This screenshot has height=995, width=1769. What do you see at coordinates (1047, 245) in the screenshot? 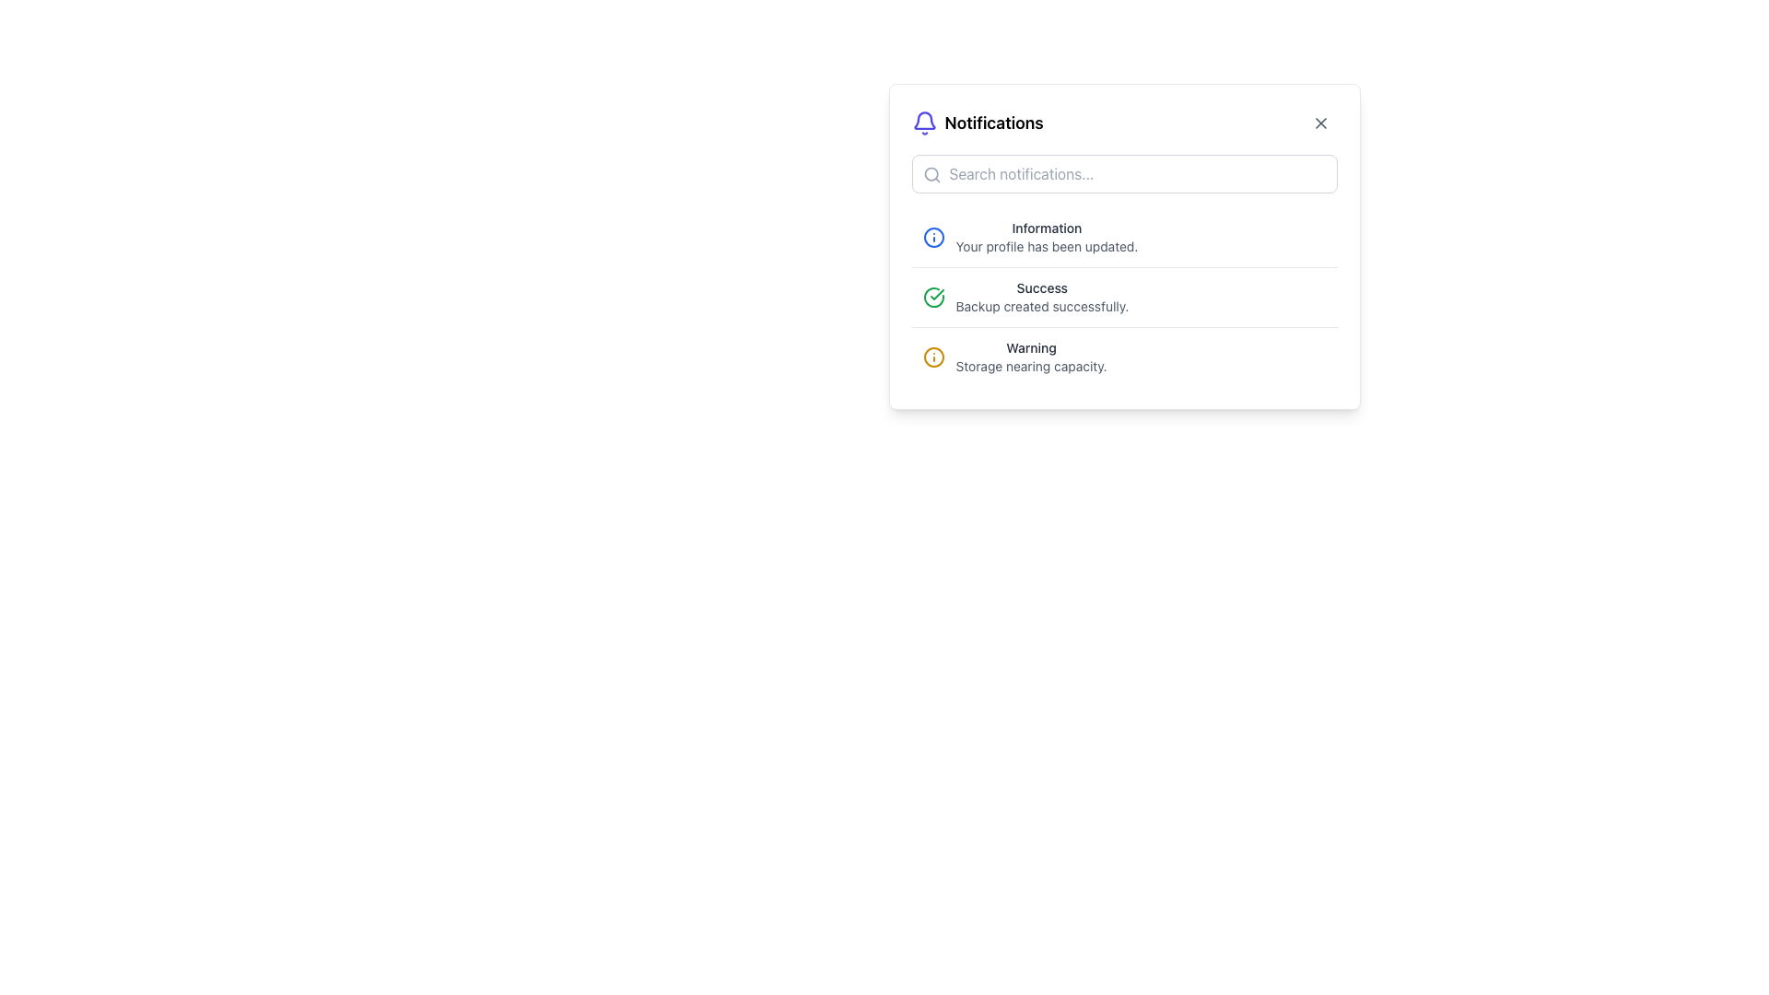
I see `text label that informs the user their profile has been updated, which is located below the 'Information' text within the notification card` at bounding box center [1047, 245].